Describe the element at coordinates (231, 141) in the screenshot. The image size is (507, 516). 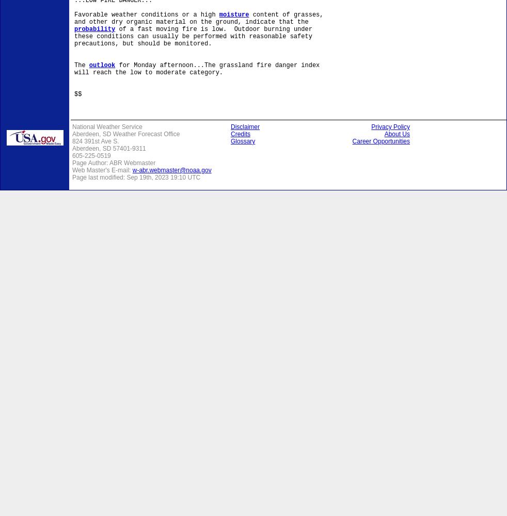
I see `'Glossary'` at that location.